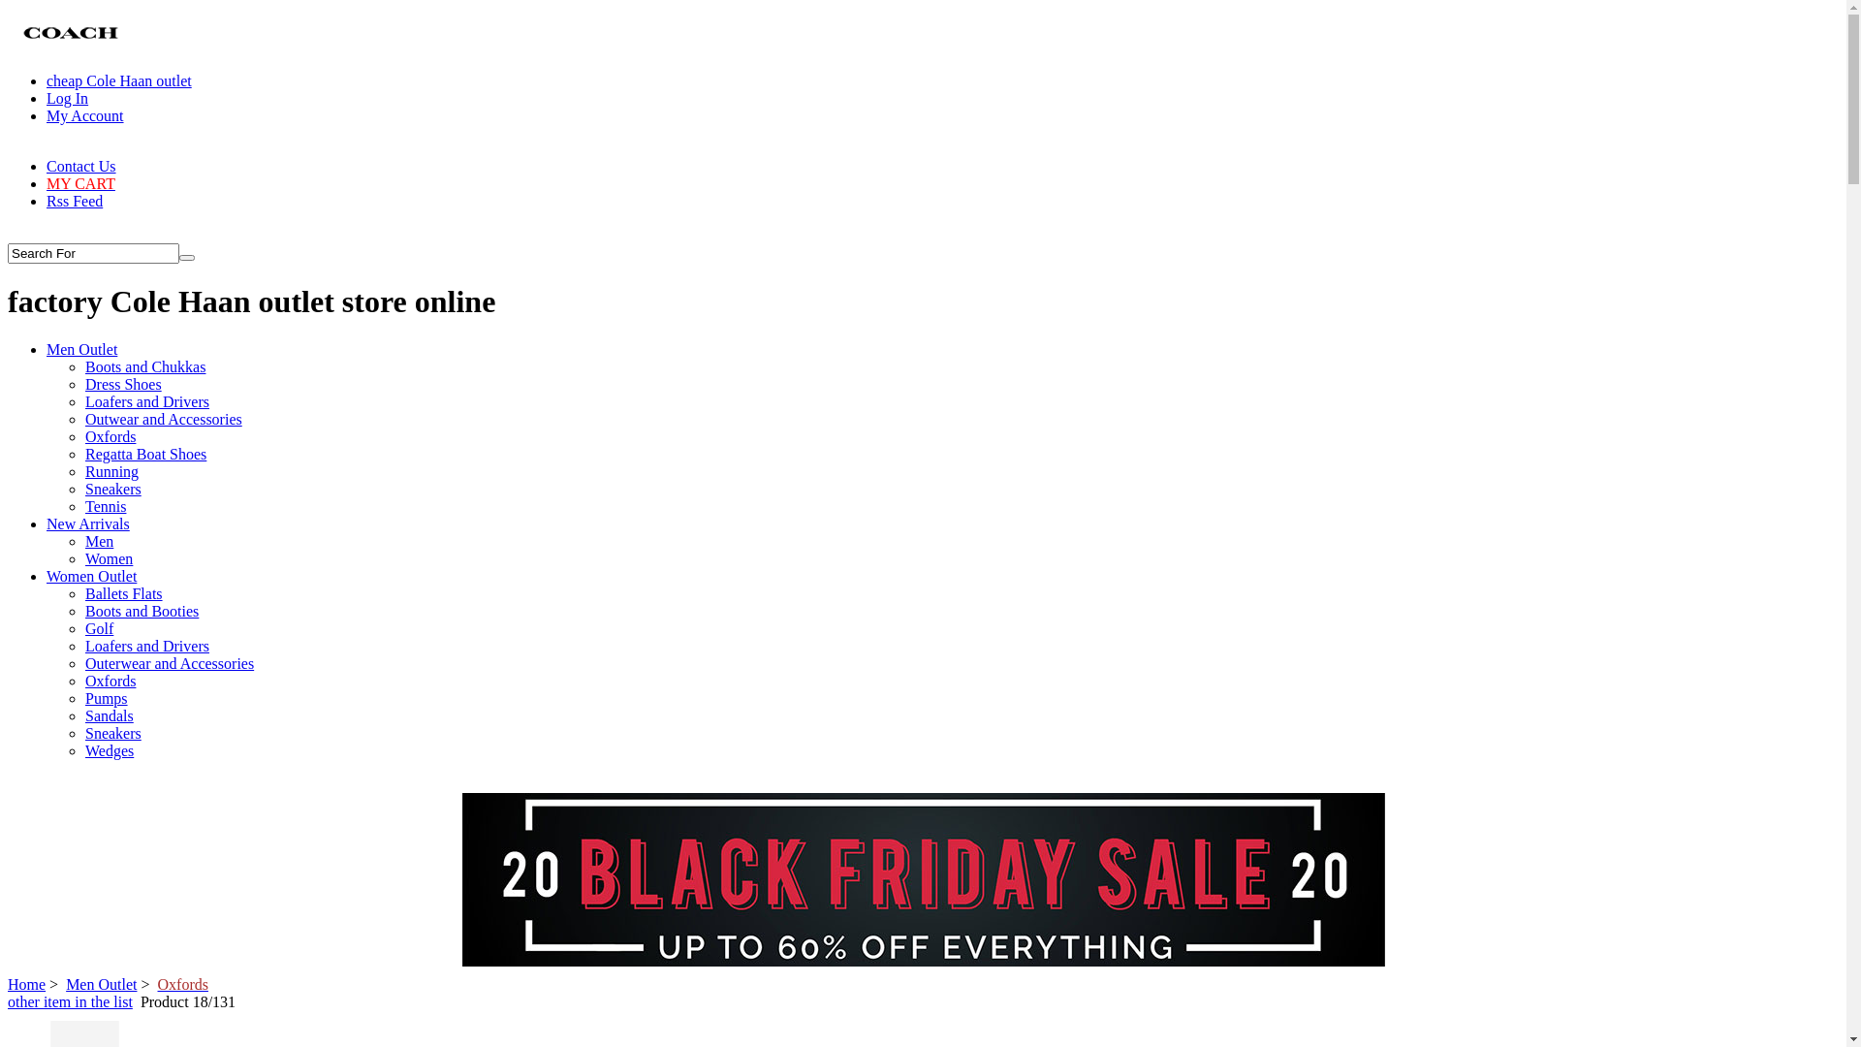 This screenshot has height=1047, width=1861. I want to click on 'Golf', so click(83, 628).